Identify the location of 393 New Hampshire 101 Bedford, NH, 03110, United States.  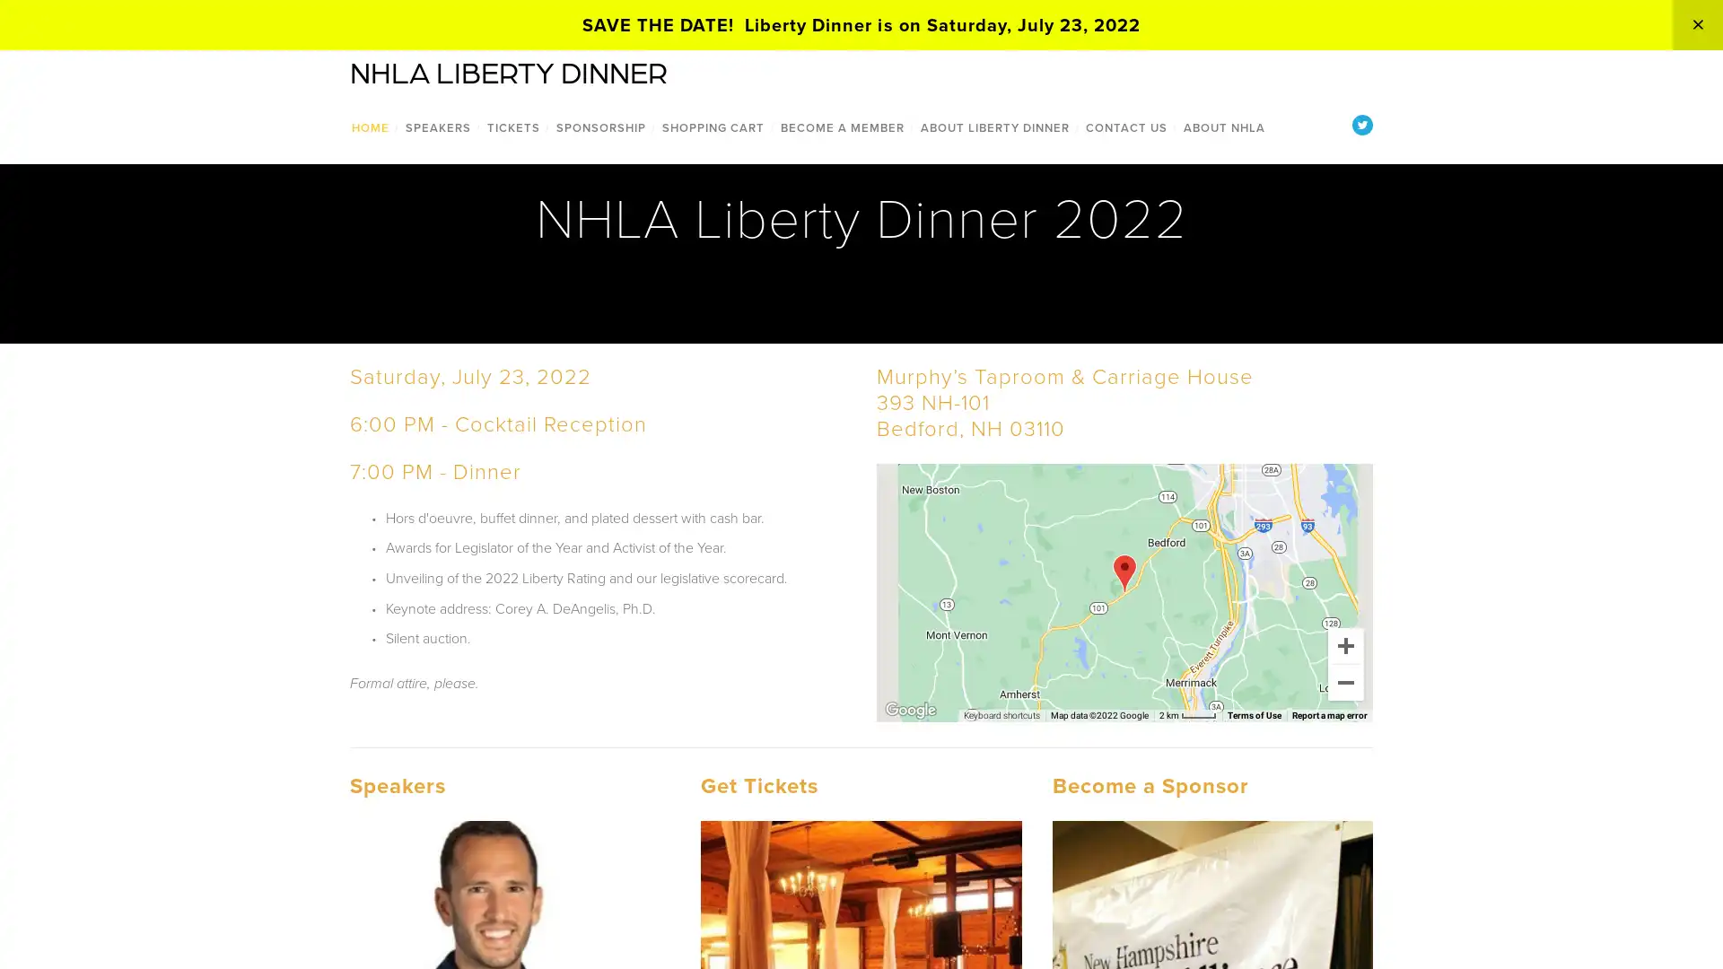
(1123, 572).